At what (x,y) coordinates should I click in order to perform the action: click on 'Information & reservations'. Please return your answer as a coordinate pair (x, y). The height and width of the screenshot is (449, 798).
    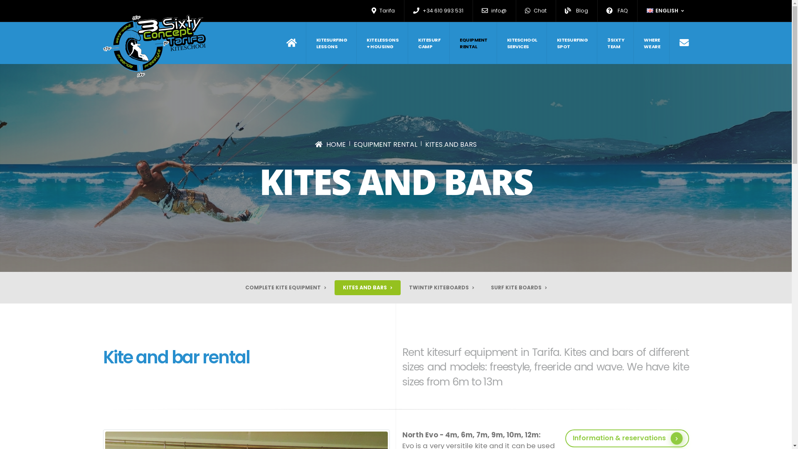
    Looking at the image, I should click on (627, 438).